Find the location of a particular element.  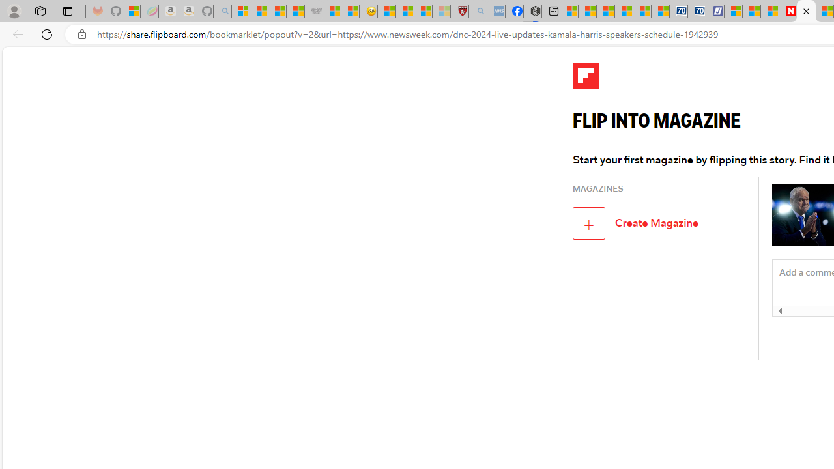

'Nordace - Nordace Siena Is Not An Ordinary Backpack' is located at coordinates (532, 11).